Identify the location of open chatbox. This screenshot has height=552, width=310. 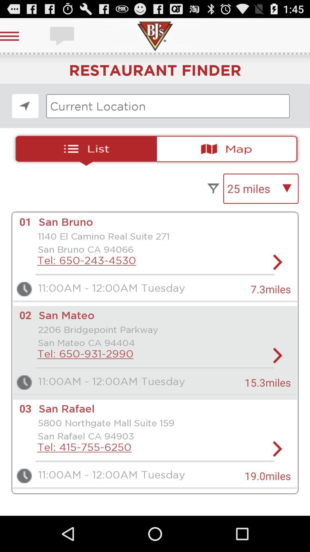
(63, 36).